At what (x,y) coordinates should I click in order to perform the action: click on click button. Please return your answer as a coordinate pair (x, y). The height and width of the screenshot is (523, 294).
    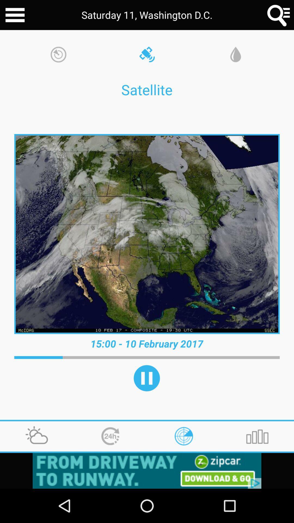
    Looking at the image, I should click on (147, 470).